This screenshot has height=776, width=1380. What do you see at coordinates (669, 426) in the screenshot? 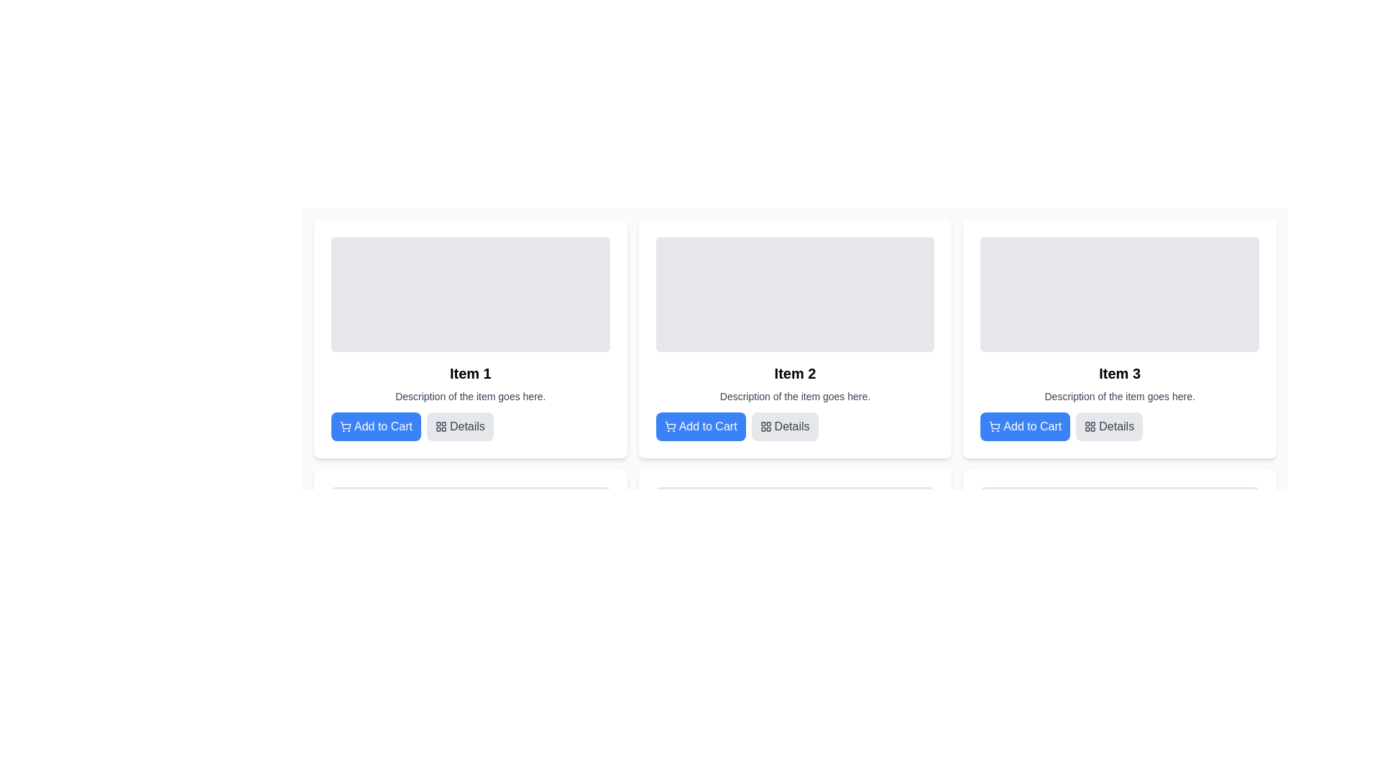
I see `the shopping cart icon located in the top-left area of the 'Add to Cart' button for 'Item 2' in the second column` at bounding box center [669, 426].